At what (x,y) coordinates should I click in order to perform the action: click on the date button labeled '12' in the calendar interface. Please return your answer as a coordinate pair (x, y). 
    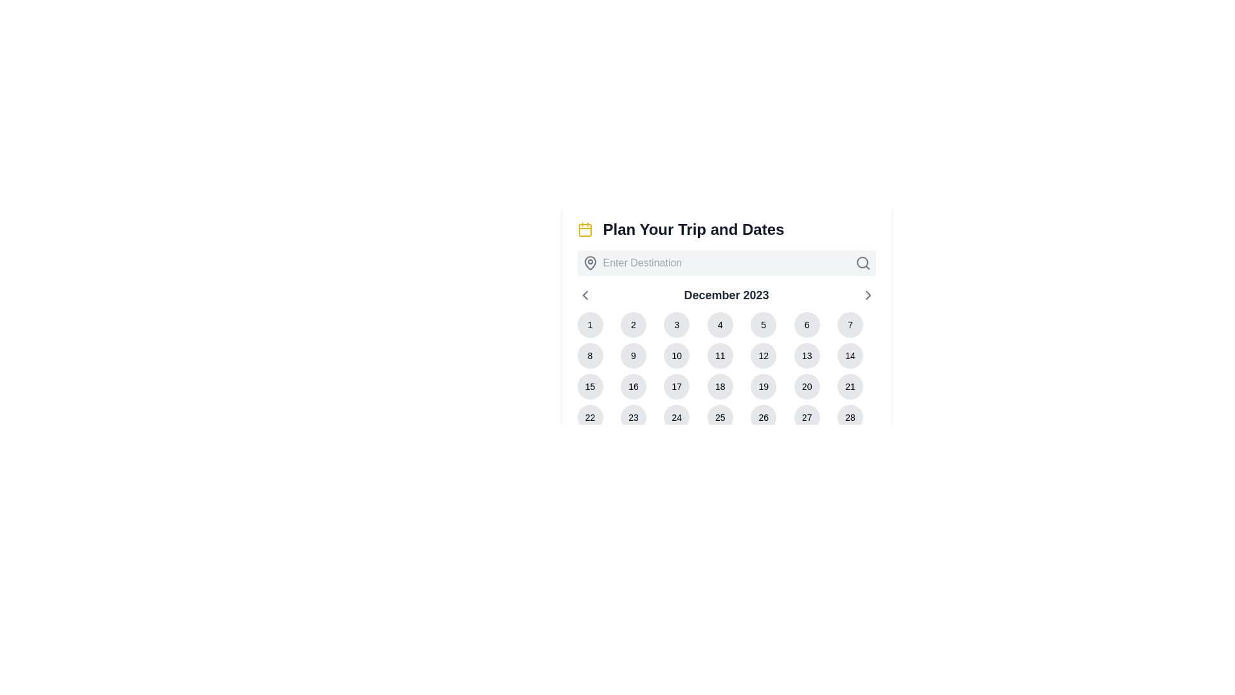
    Looking at the image, I should click on (764, 355).